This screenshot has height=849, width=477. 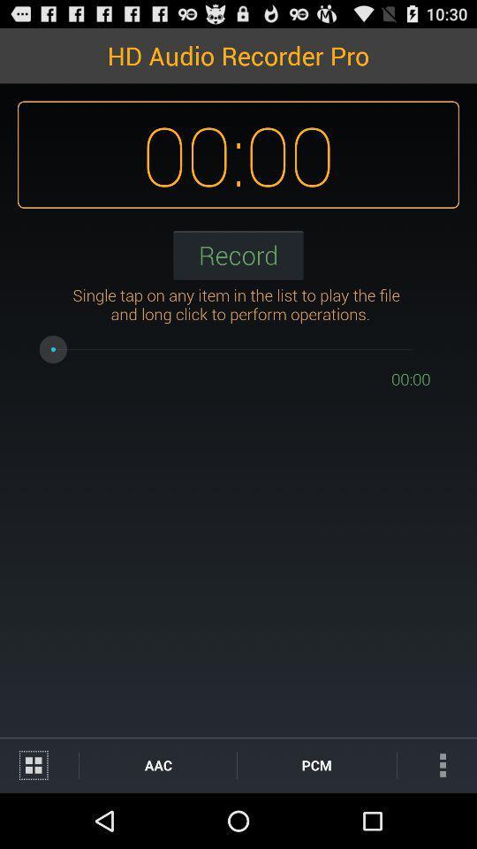 What do you see at coordinates (39, 764) in the screenshot?
I see `the icon to the left of aac icon` at bounding box center [39, 764].